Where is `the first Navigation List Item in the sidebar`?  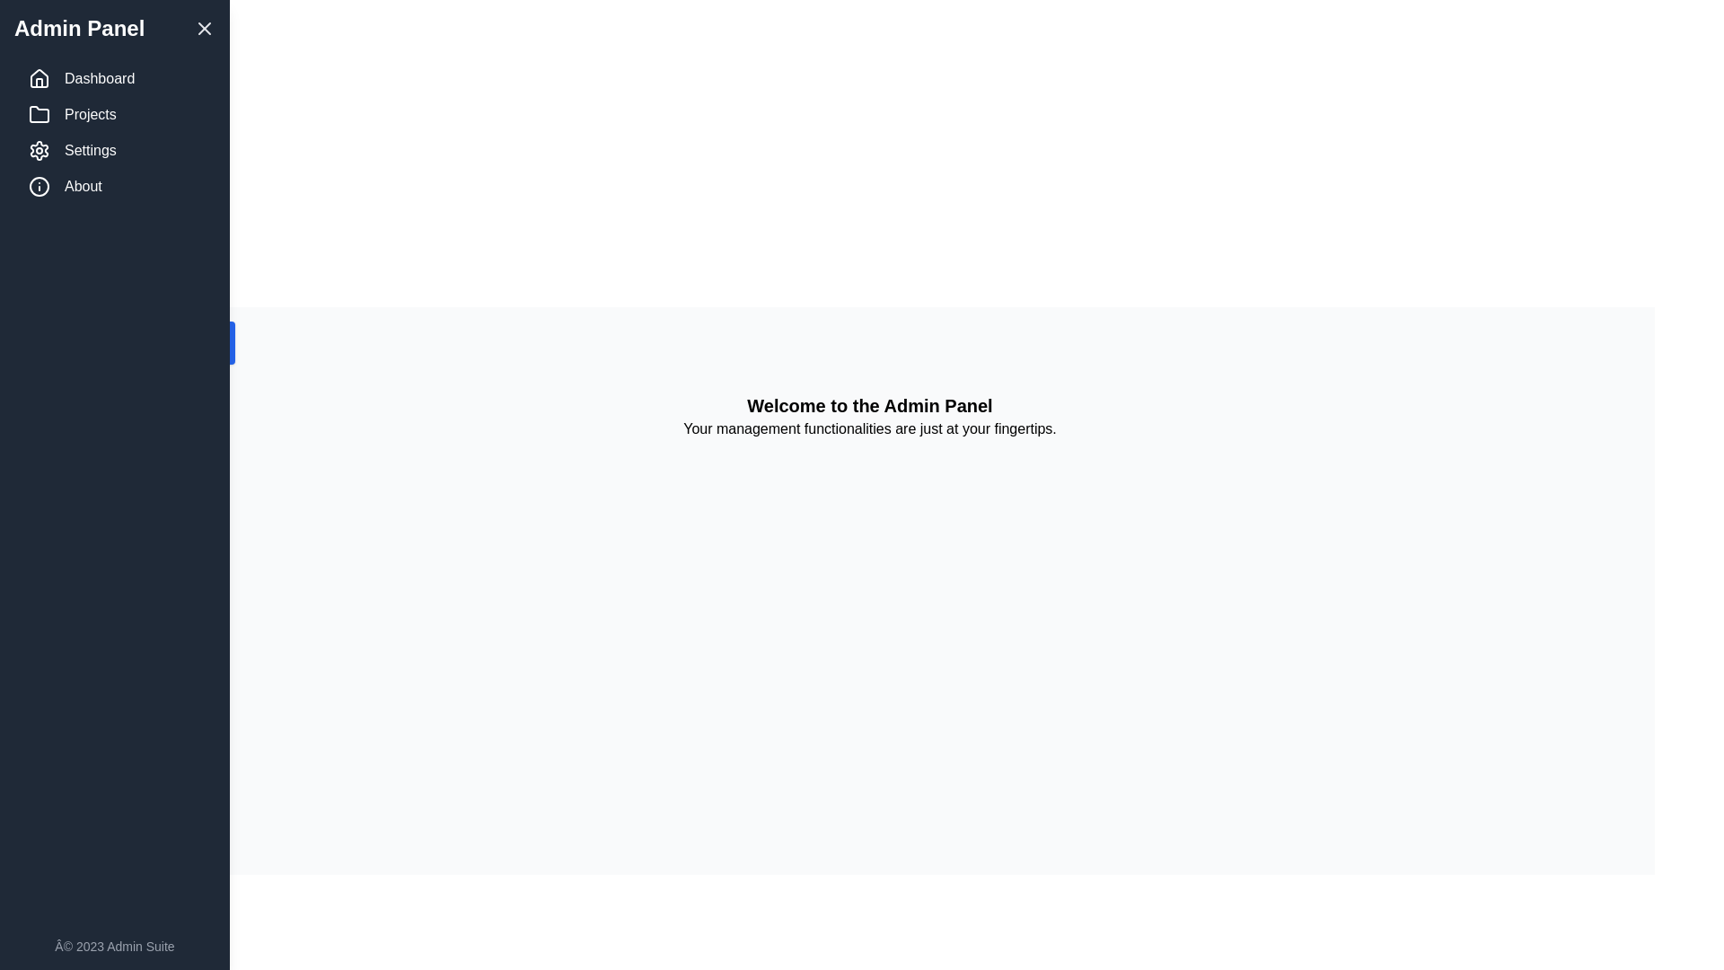 the first Navigation List Item in the sidebar is located at coordinates (114, 78).